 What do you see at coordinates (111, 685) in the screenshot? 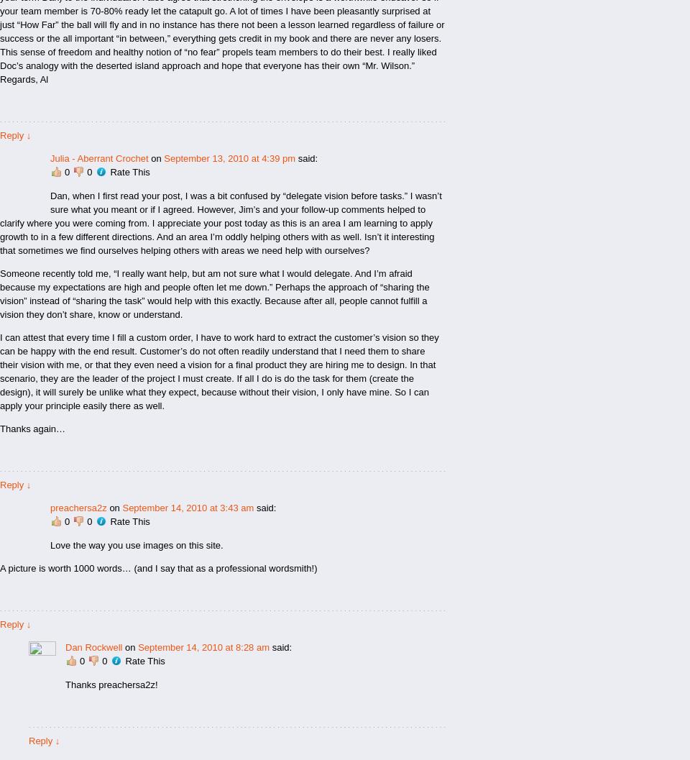
I see `'Thanks preachersa2z!'` at bounding box center [111, 685].